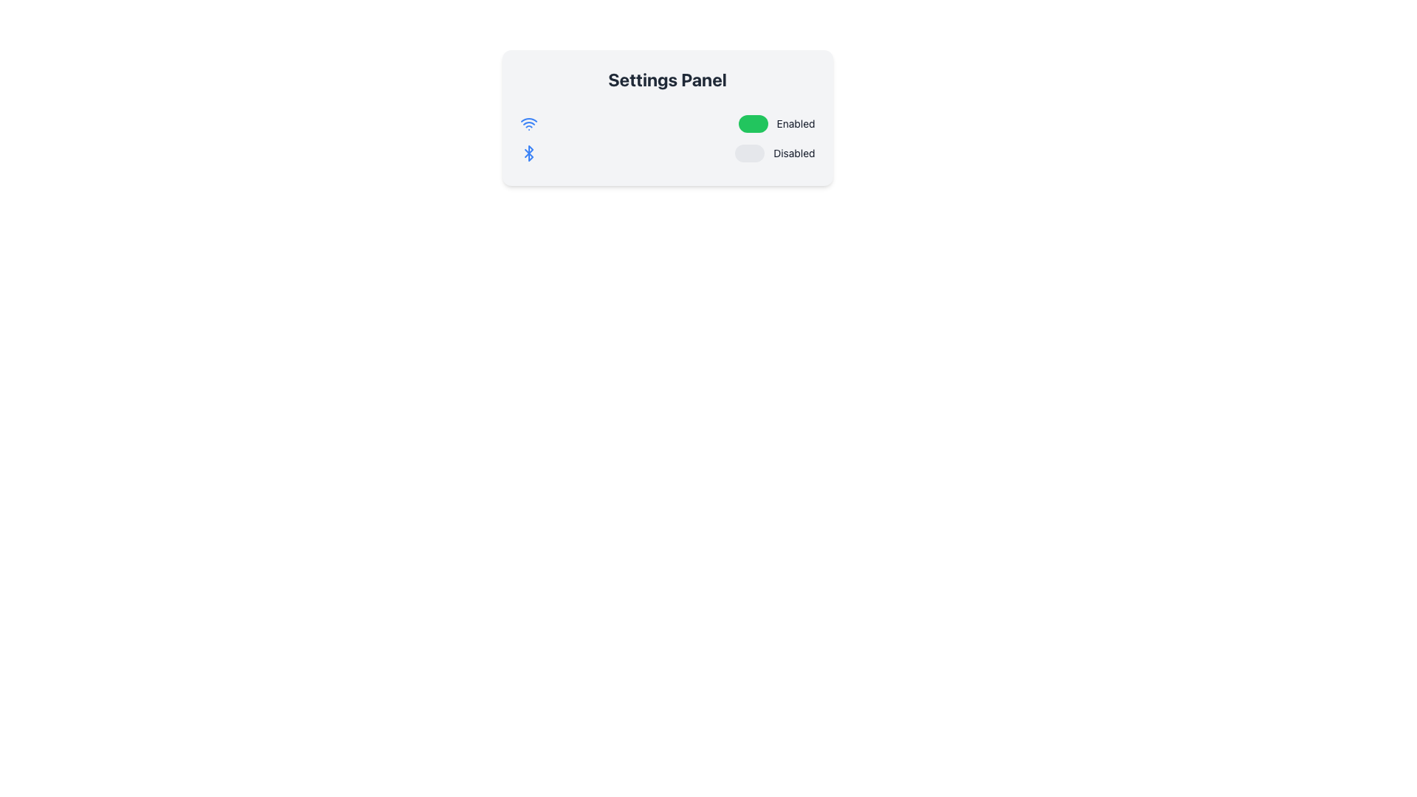  What do you see at coordinates (795, 123) in the screenshot?
I see `the text label that describes the active state of the corresponding feature or toggle control, located to the right of a green-colored toggle switch` at bounding box center [795, 123].